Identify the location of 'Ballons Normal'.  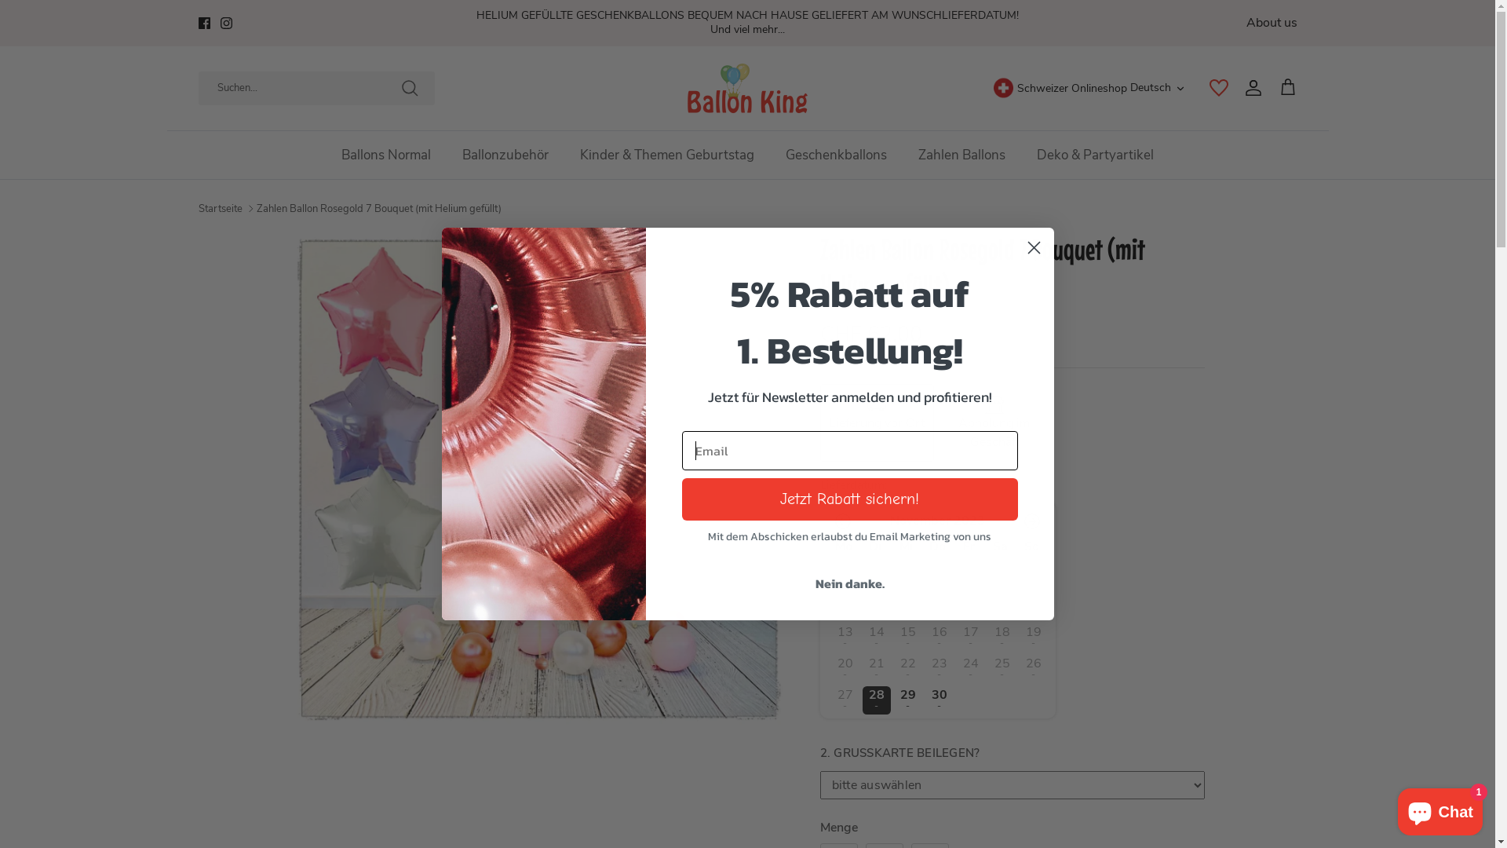
(385, 155).